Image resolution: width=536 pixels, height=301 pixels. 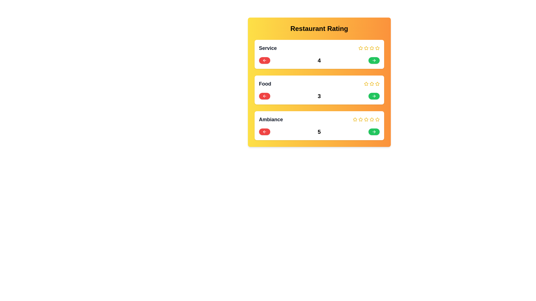 I want to click on the 'Service' text label, which is displayed in bold, large font and dark gray color, located at the top-left corner of its rectangular card within a vibrant yellow and orange background, so click(x=267, y=48).